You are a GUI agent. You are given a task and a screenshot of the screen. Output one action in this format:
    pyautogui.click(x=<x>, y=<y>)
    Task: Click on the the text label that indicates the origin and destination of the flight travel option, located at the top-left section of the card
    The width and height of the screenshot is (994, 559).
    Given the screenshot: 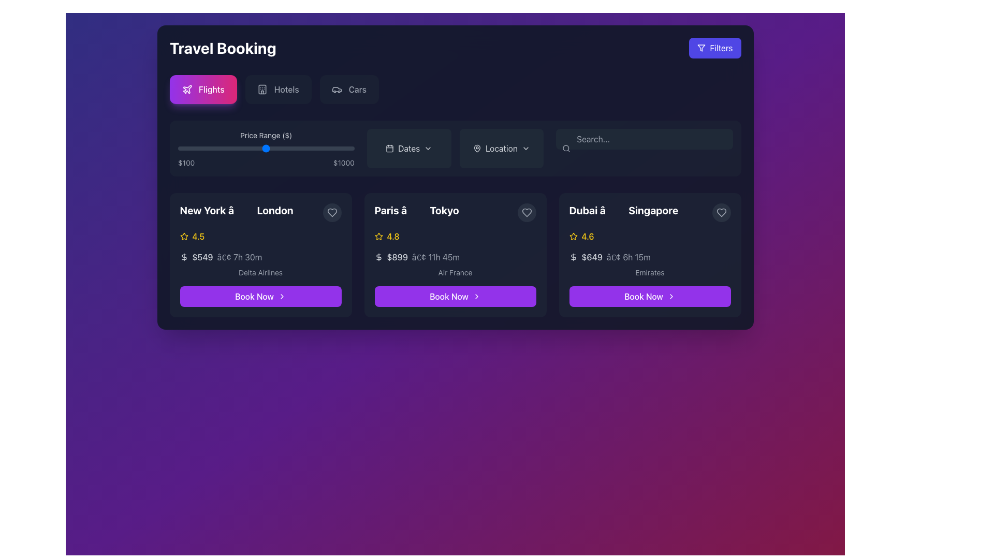 What is the action you would take?
    pyautogui.click(x=260, y=212)
    